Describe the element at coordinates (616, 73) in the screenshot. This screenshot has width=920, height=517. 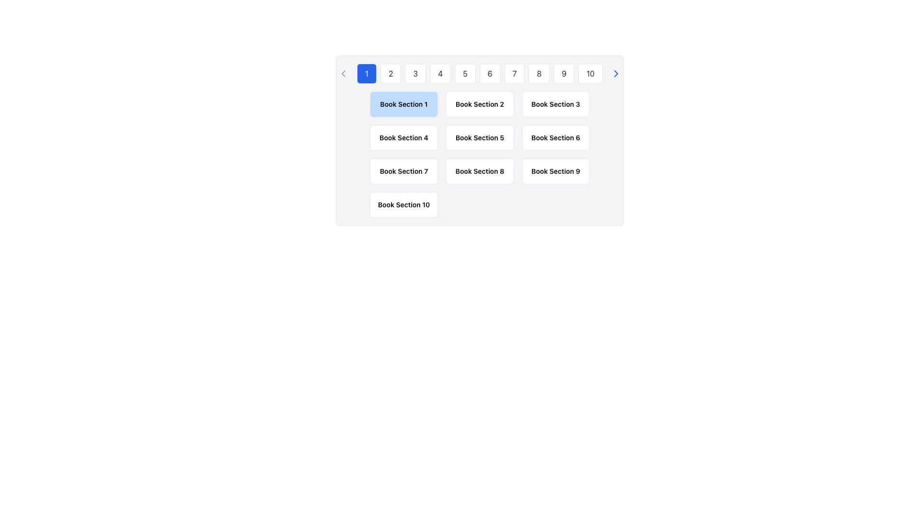
I see `the chevron icon located at the top-right of the pagination bar` at that location.